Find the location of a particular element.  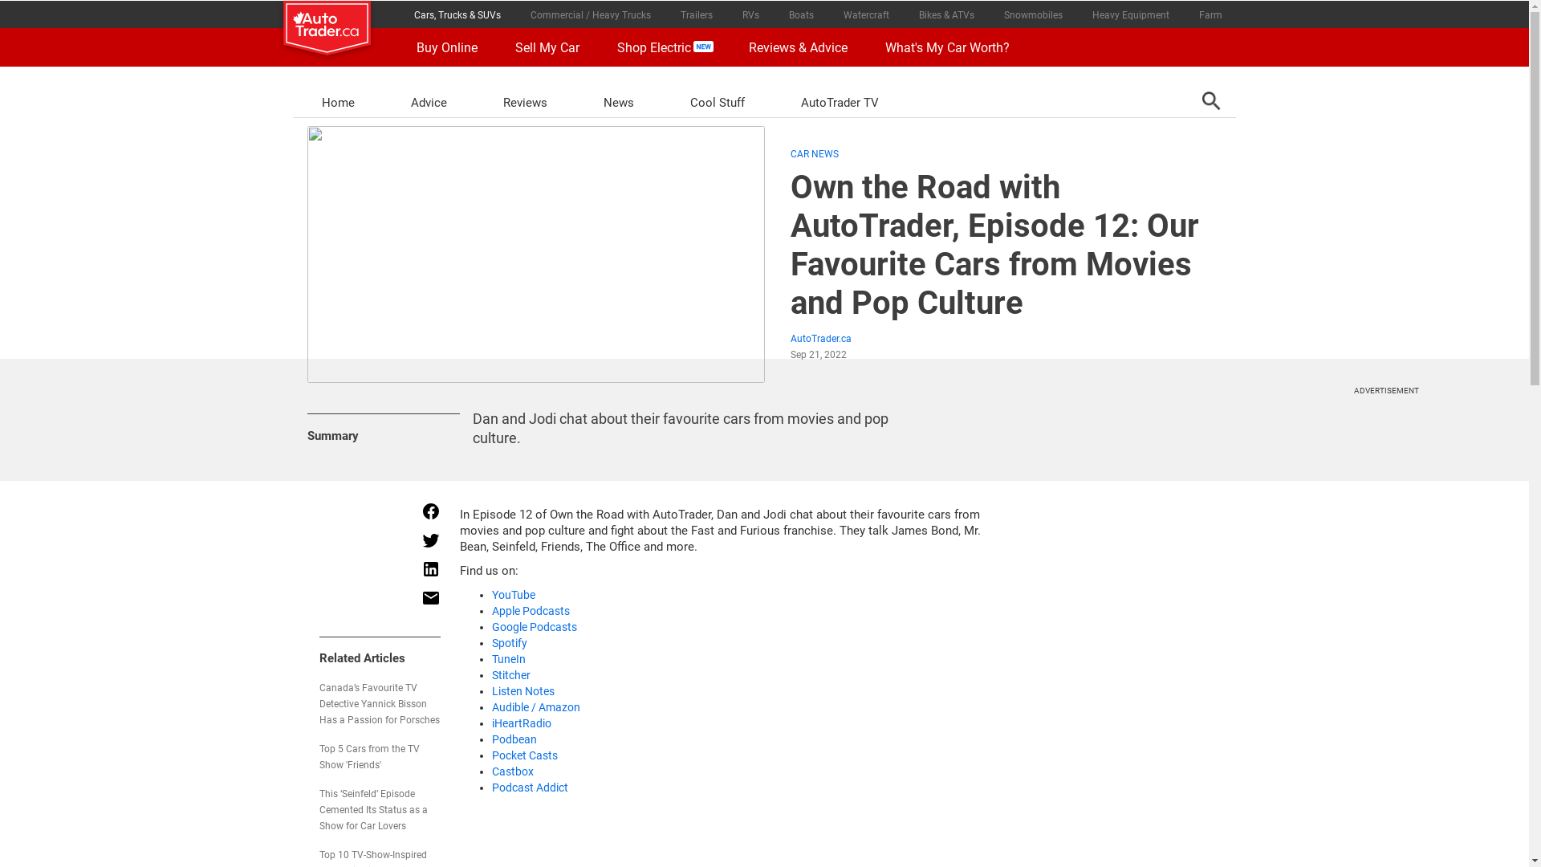

'Buy Online' is located at coordinates (441, 45).